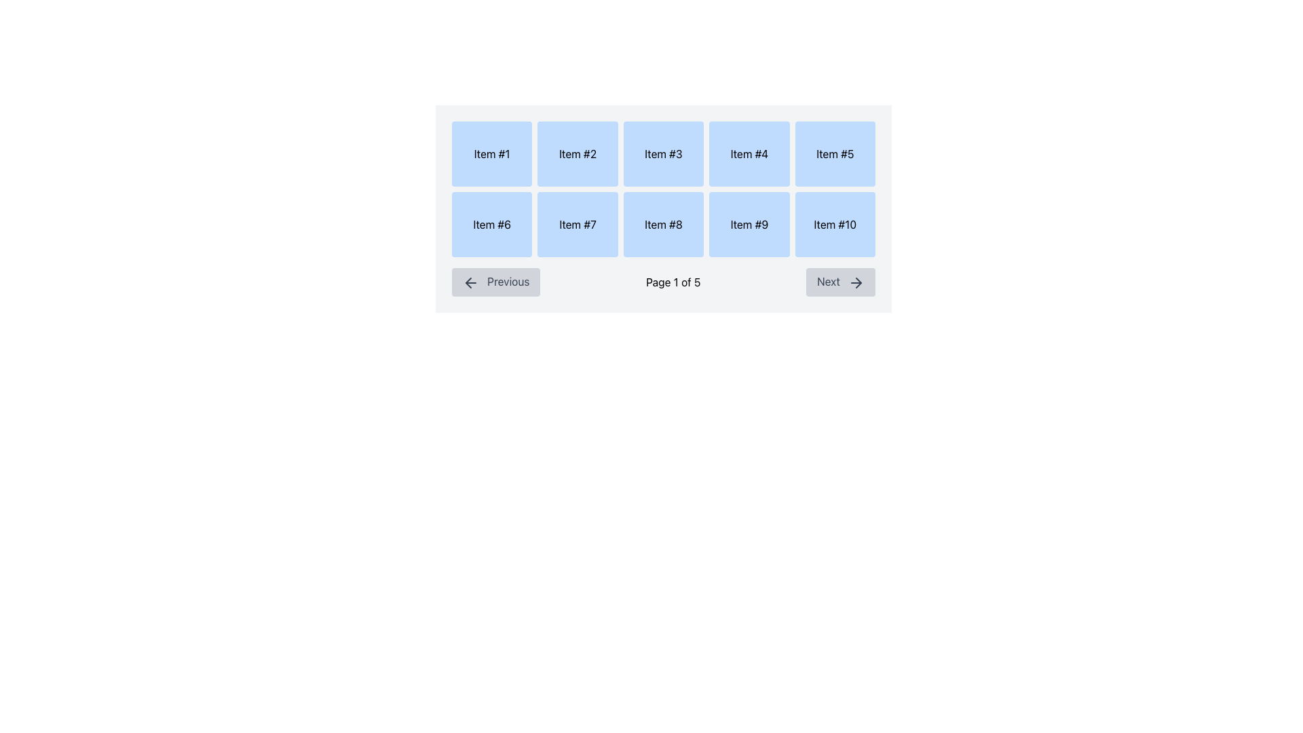 This screenshot has height=733, width=1303. I want to click on the button-like grid item located in the second row and second column of the grid, so click(578, 224).